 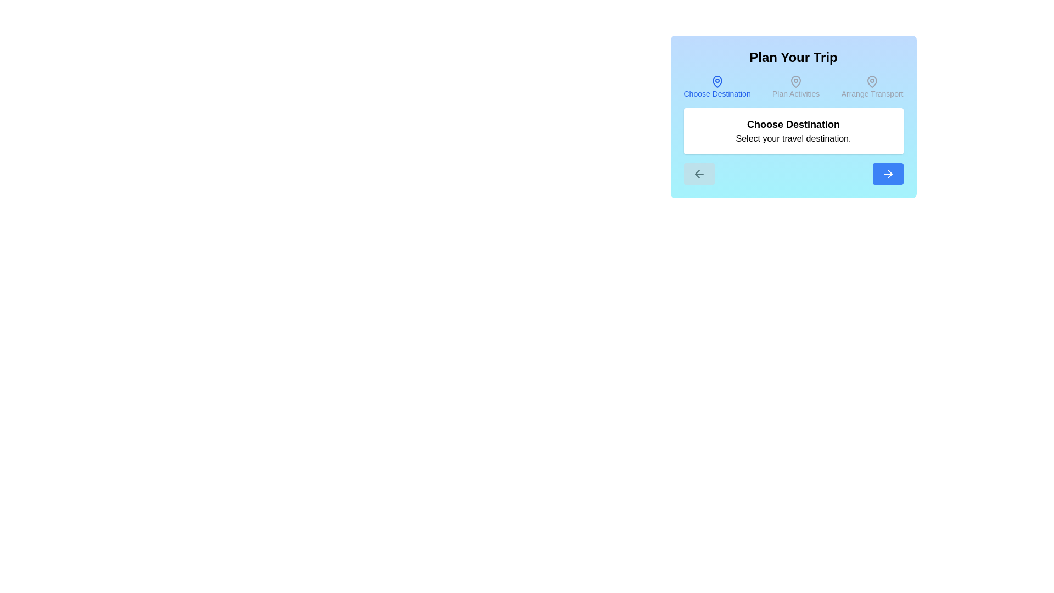 What do you see at coordinates (698, 173) in the screenshot?
I see `the left arrow button to navigate to the previous step` at bounding box center [698, 173].